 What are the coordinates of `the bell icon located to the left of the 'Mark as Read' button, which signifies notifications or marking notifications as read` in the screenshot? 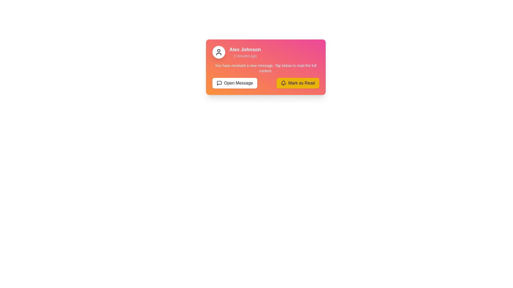 It's located at (283, 83).